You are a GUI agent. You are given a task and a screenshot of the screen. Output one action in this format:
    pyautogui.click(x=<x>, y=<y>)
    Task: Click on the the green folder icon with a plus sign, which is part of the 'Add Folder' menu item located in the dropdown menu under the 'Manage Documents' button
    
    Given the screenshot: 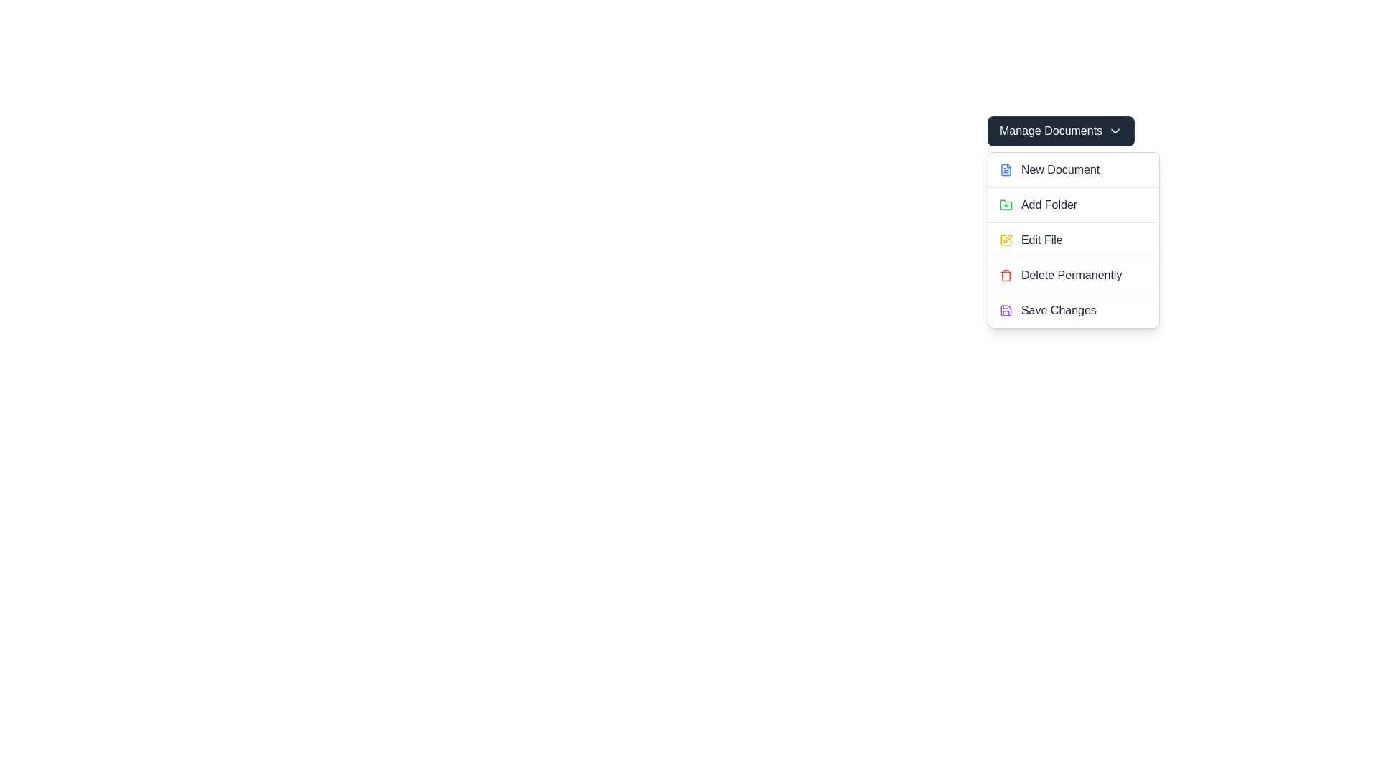 What is the action you would take?
    pyautogui.click(x=1005, y=205)
    